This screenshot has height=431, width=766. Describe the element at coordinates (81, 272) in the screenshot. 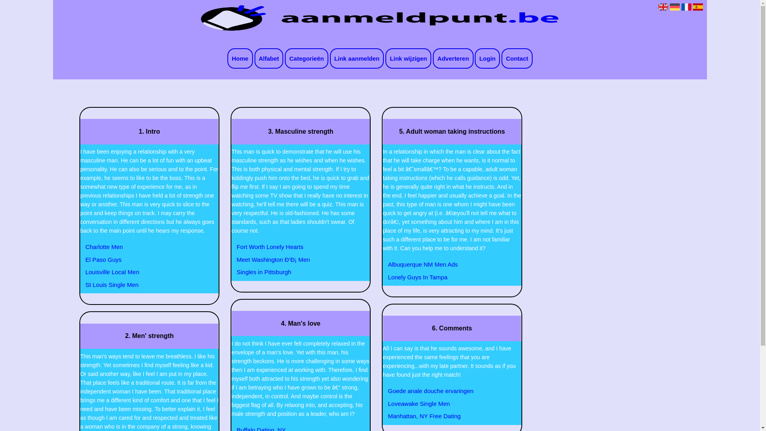

I see `'Louisville Local Men'` at that location.